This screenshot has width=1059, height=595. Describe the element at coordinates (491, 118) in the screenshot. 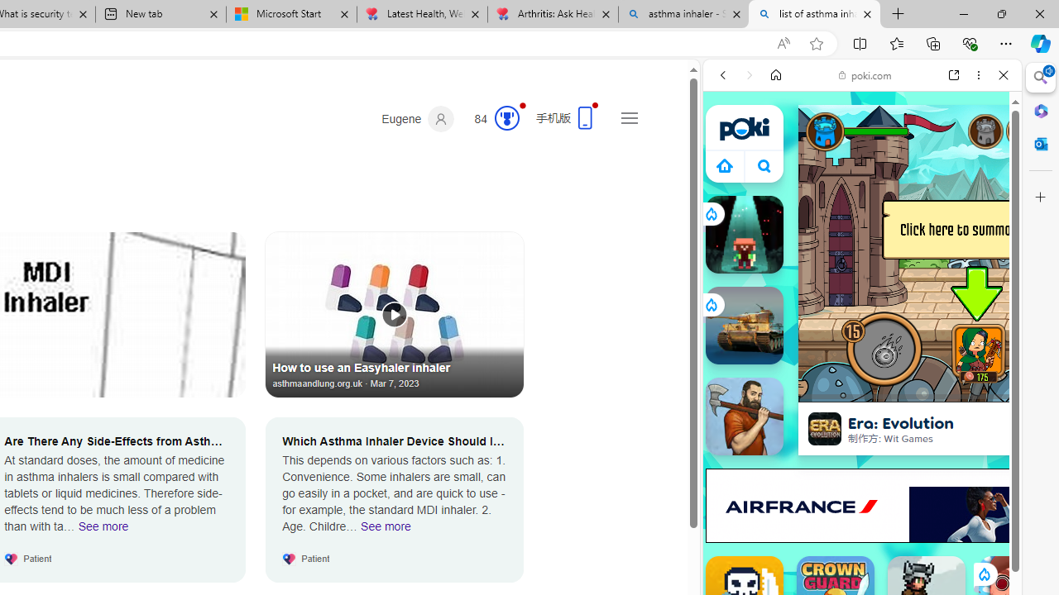

I see `'Microsoft Rewards 84'` at that location.